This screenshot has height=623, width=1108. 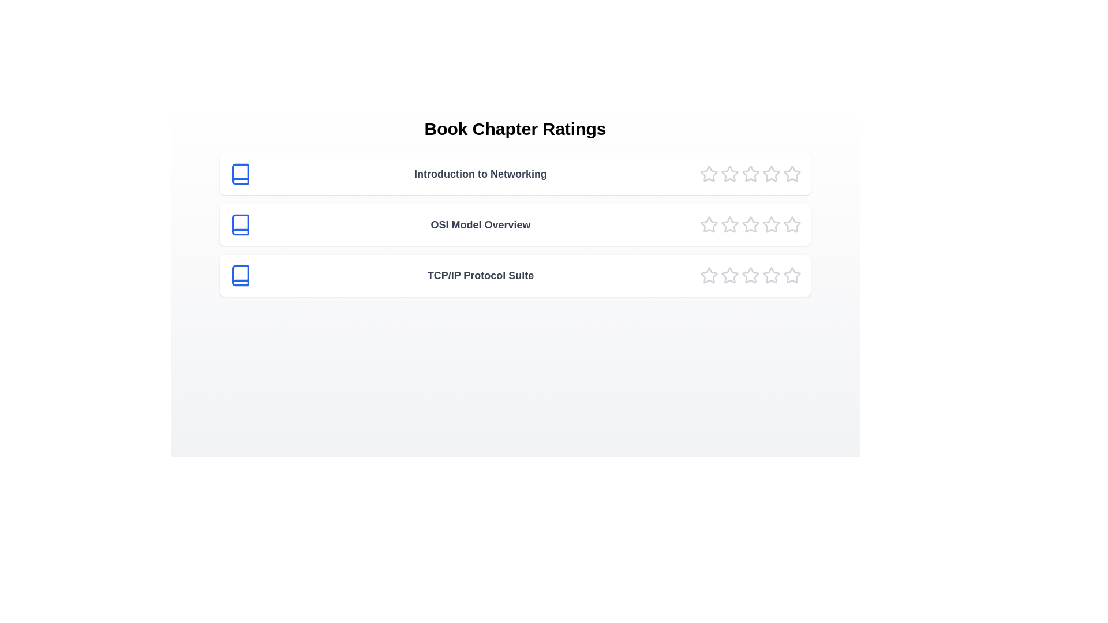 I want to click on the chapter icon for TCP/IP Protocol Suite to inspect it, so click(x=240, y=276).